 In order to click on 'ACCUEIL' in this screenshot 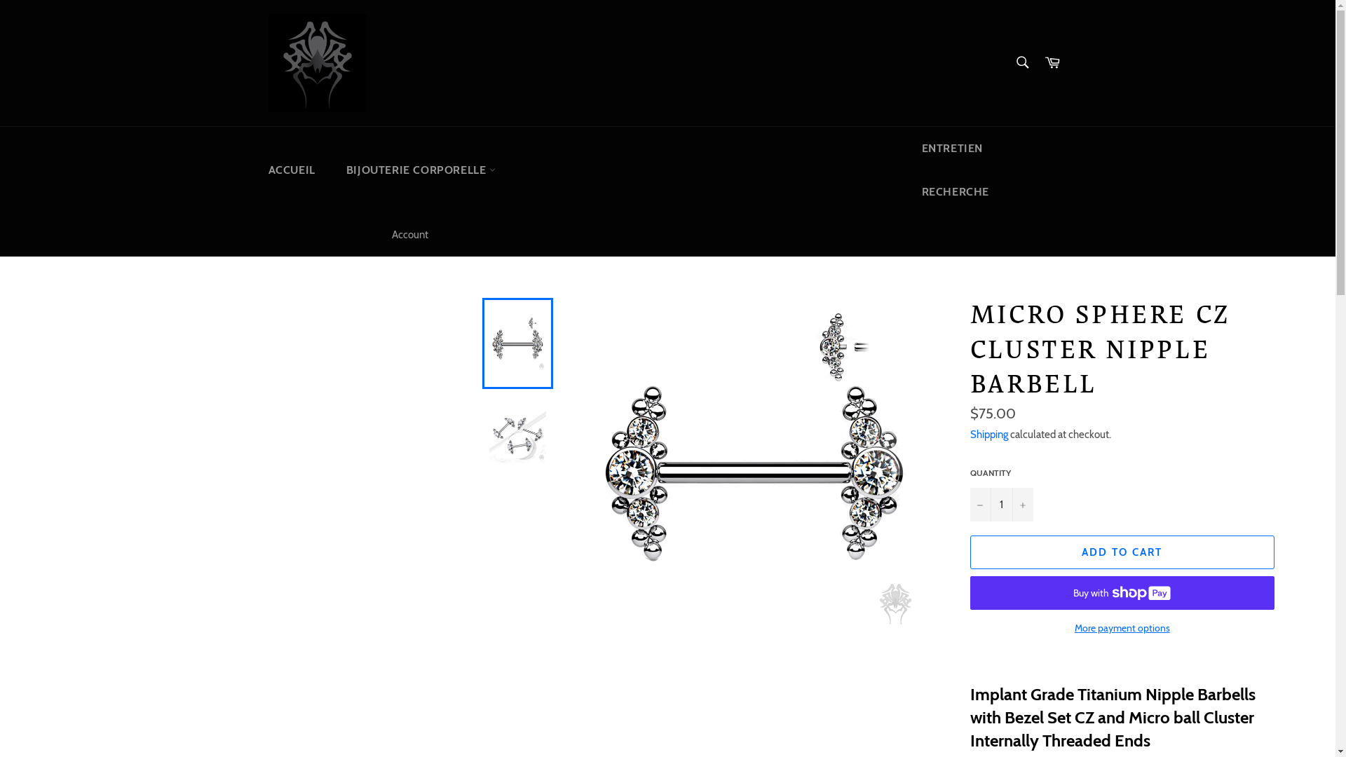, I will do `click(290, 170)`.